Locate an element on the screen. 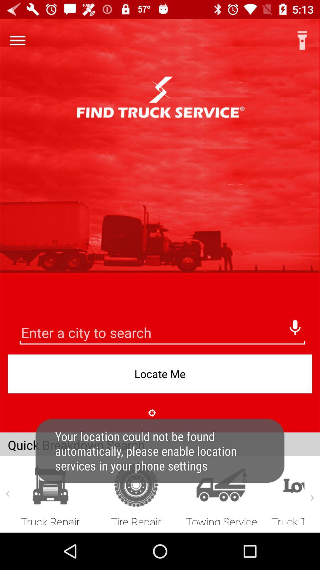 This screenshot has width=320, height=570. search bar is located at coordinates (162, 333).